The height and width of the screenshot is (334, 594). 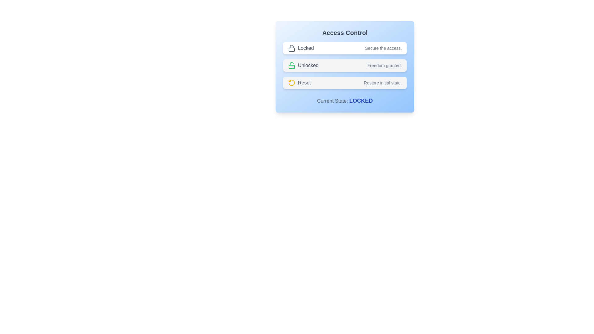 I want to click on the icon to change the state to reset, so click(x=291, y=82).